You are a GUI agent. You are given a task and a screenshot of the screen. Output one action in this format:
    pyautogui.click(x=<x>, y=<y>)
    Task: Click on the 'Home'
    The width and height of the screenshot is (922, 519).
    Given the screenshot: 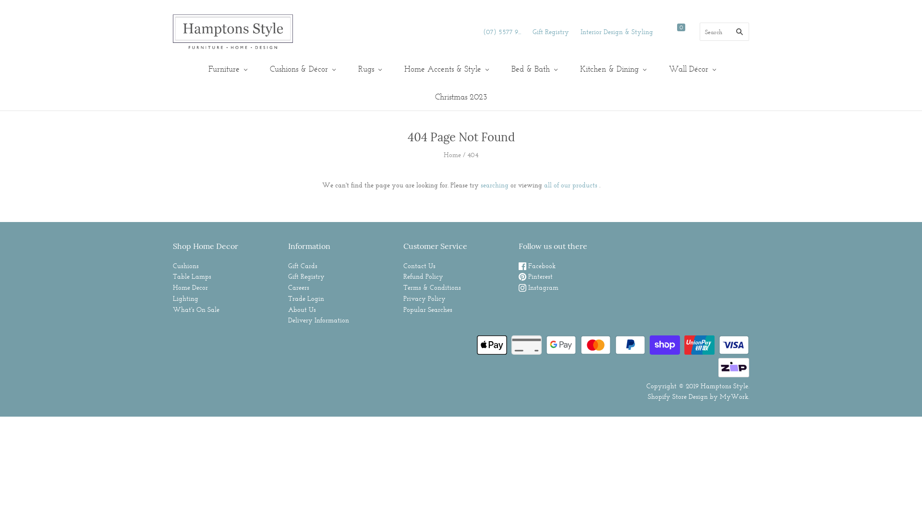 What is the action you would take?
    pyautogui.click(x=451, y=154)
    